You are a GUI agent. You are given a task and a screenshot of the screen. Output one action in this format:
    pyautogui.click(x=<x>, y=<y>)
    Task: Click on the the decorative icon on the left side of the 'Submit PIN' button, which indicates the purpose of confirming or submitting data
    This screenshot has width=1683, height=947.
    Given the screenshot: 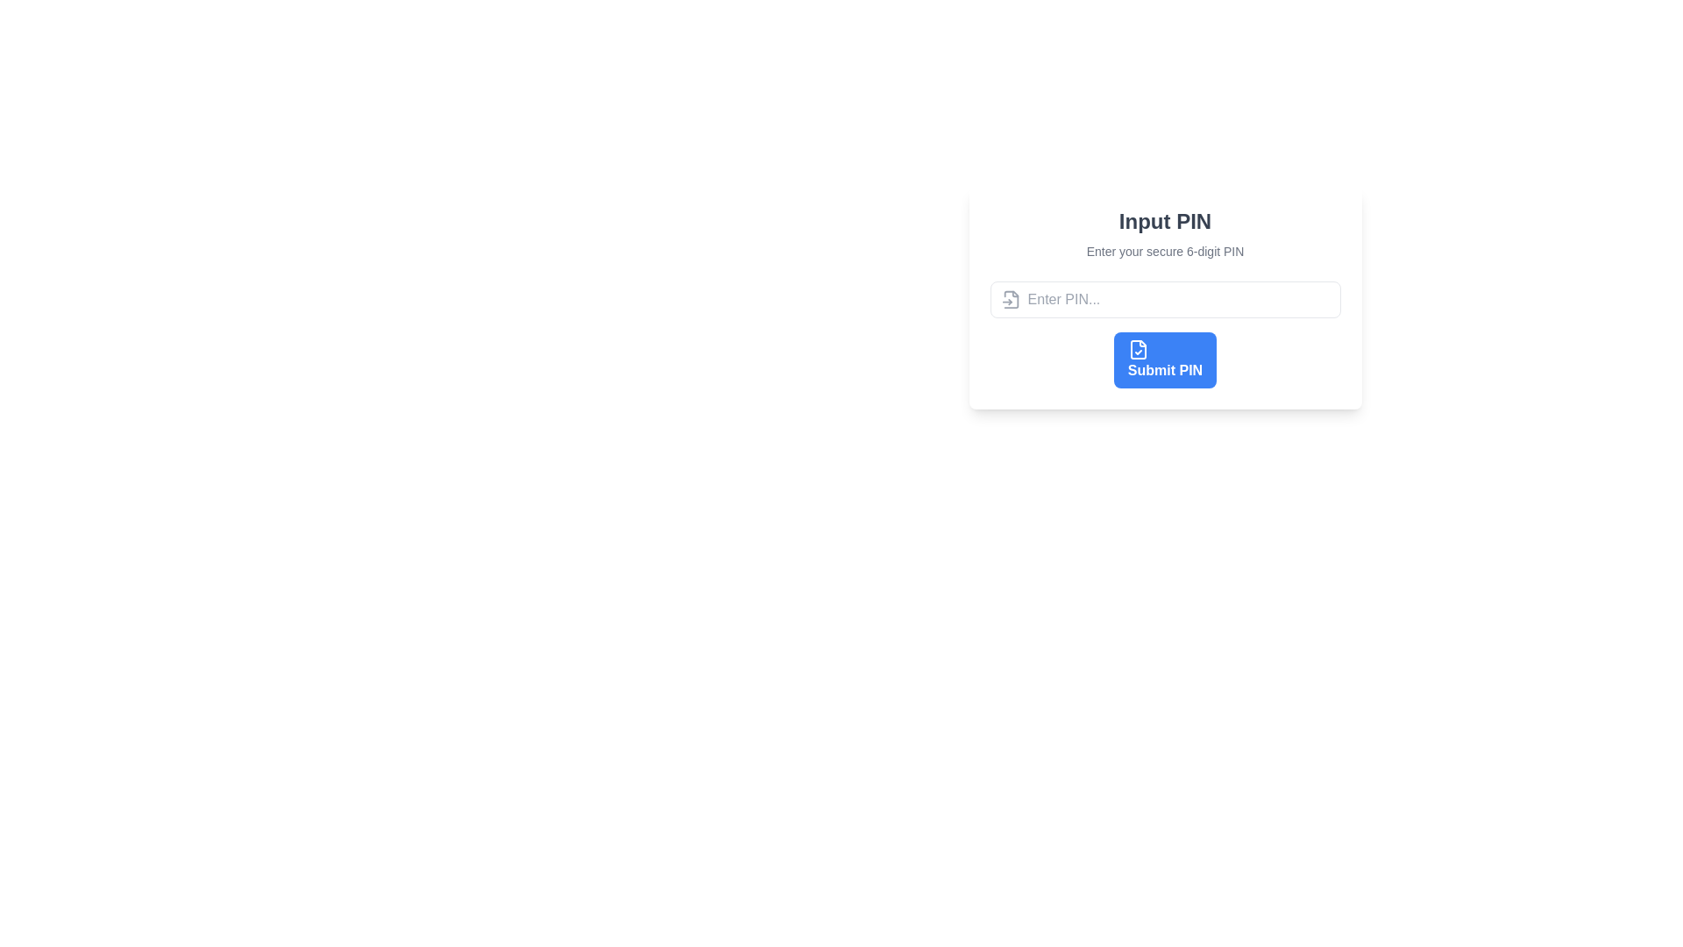 What is the action you would take?
    pyautogui.click(x=1138, y=349)
    